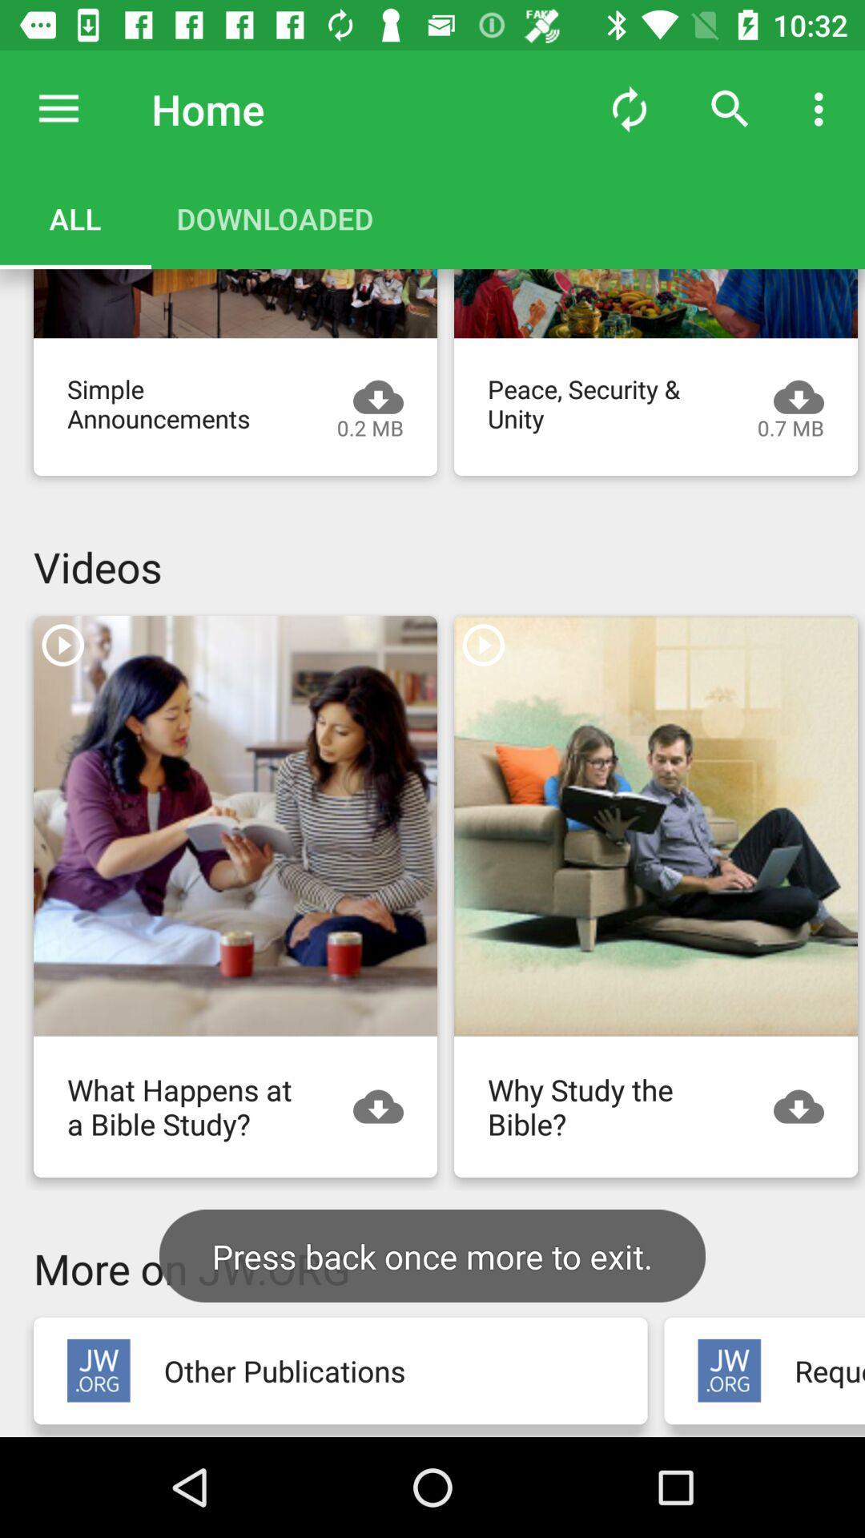 This screenshot has width=865, height=1538. Describe the element at coordinates (729, 1370) in the screenshot. I see `open advertisement` at that location.